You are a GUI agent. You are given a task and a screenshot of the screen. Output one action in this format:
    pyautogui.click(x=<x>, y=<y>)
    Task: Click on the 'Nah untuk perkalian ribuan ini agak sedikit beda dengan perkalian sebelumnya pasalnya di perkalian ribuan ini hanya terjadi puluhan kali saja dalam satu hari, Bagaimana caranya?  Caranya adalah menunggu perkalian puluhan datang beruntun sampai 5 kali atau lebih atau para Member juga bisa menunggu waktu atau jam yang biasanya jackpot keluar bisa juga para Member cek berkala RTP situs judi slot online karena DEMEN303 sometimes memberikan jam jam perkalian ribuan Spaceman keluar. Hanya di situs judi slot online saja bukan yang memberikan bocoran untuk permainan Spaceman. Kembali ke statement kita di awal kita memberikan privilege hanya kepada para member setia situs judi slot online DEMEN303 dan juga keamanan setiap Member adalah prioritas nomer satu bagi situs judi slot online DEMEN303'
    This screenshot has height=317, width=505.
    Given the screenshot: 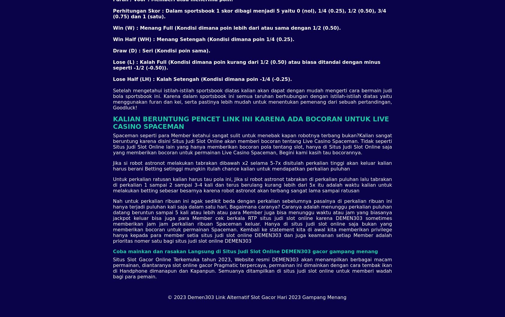 What is the action you would take?
    pyautogui.click(x=252, y=221)
    